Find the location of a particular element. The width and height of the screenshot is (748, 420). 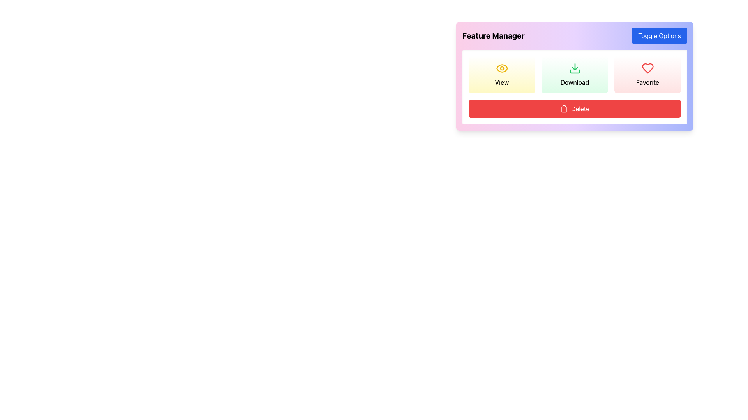

the heart icon representing the 'Favorite' action, which is the third clickable option in the interface, positioned to the right of the 'Download' button is located at coordinates (647, 68).